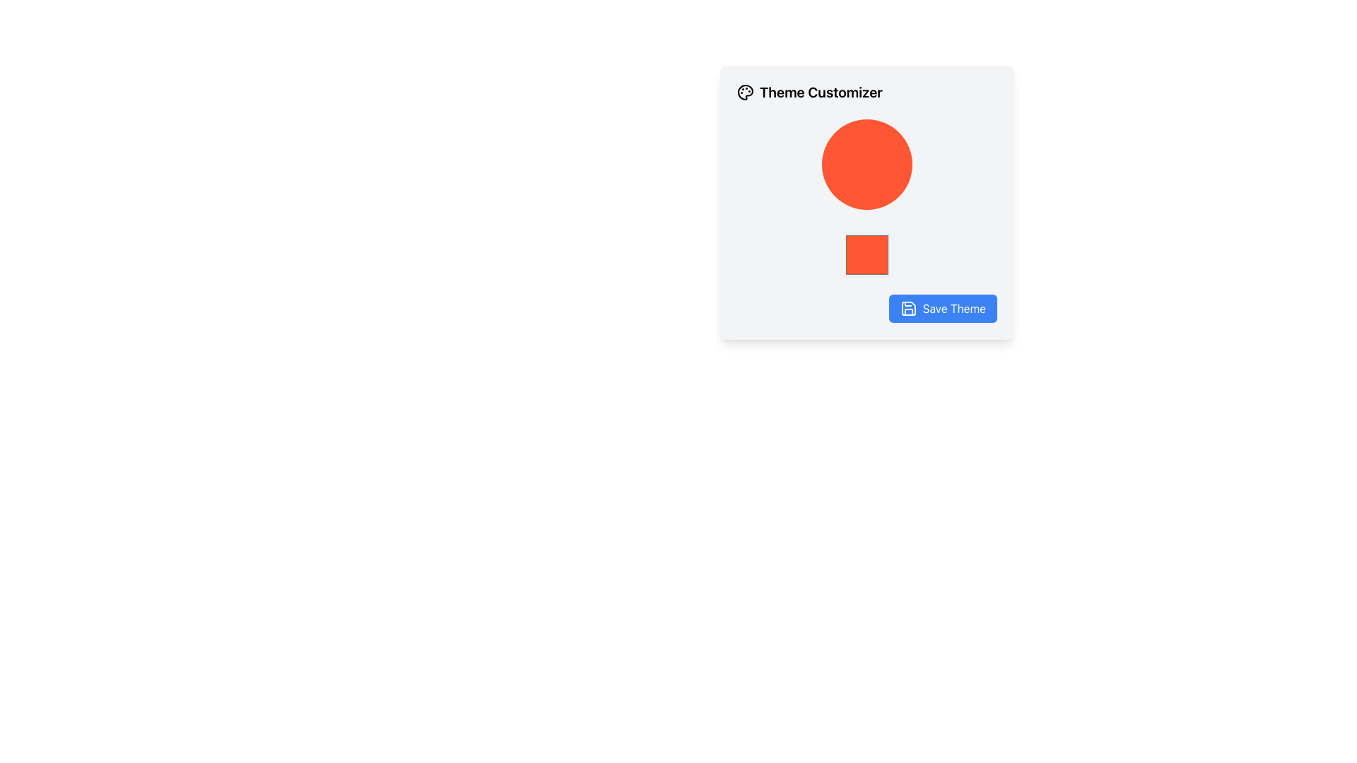 This screenshot has height=763, width=1357. I want to click on the orange square color picker input element located below the circular color preview, so click(867, 255).